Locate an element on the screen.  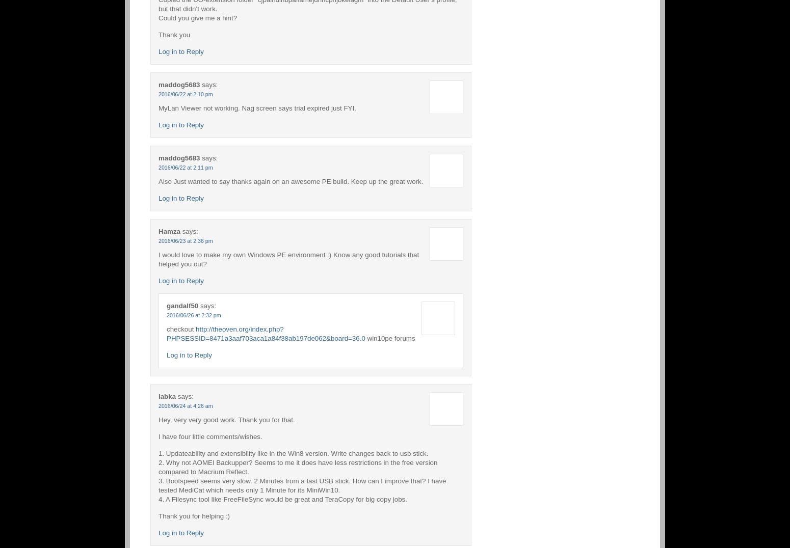
'1. Updateability and extensibility like in the Win8 version. Write changes back to usb stick.' is located at coordinates (293, 453).